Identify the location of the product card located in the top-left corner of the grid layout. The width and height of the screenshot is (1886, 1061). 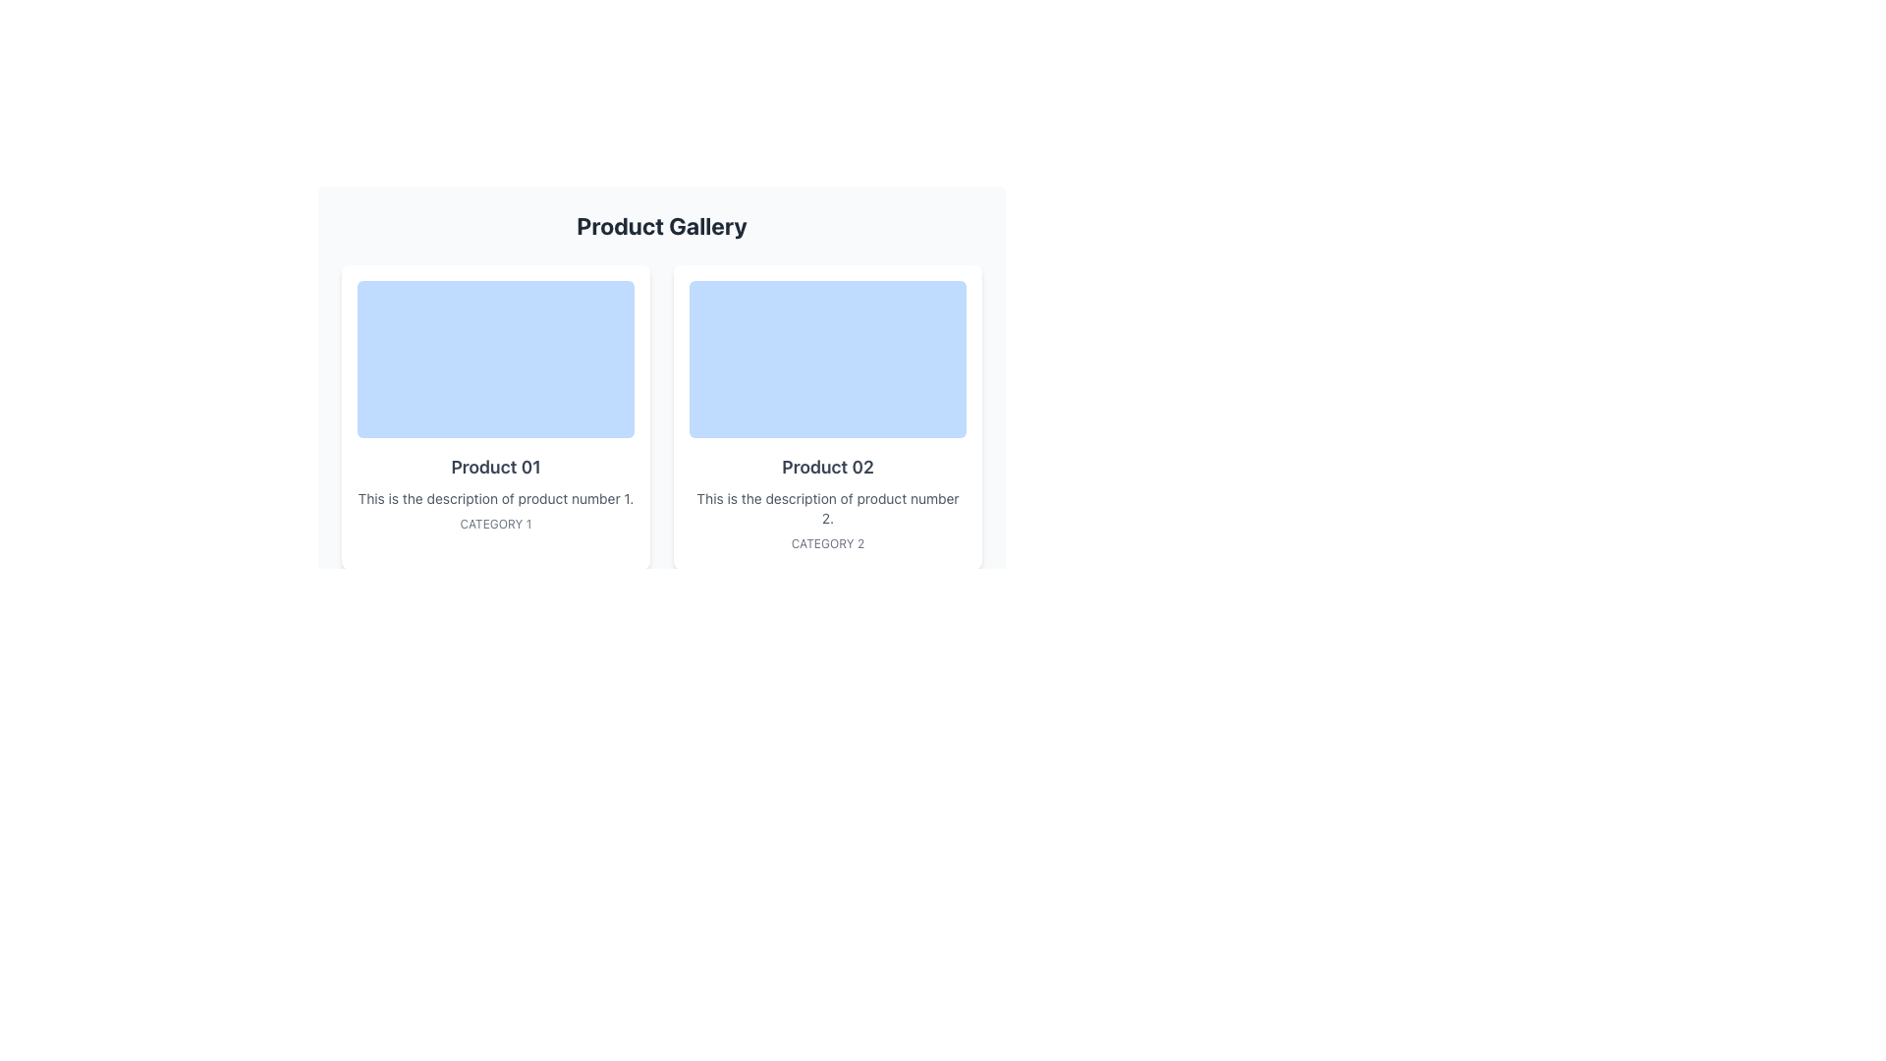
(495, 416).